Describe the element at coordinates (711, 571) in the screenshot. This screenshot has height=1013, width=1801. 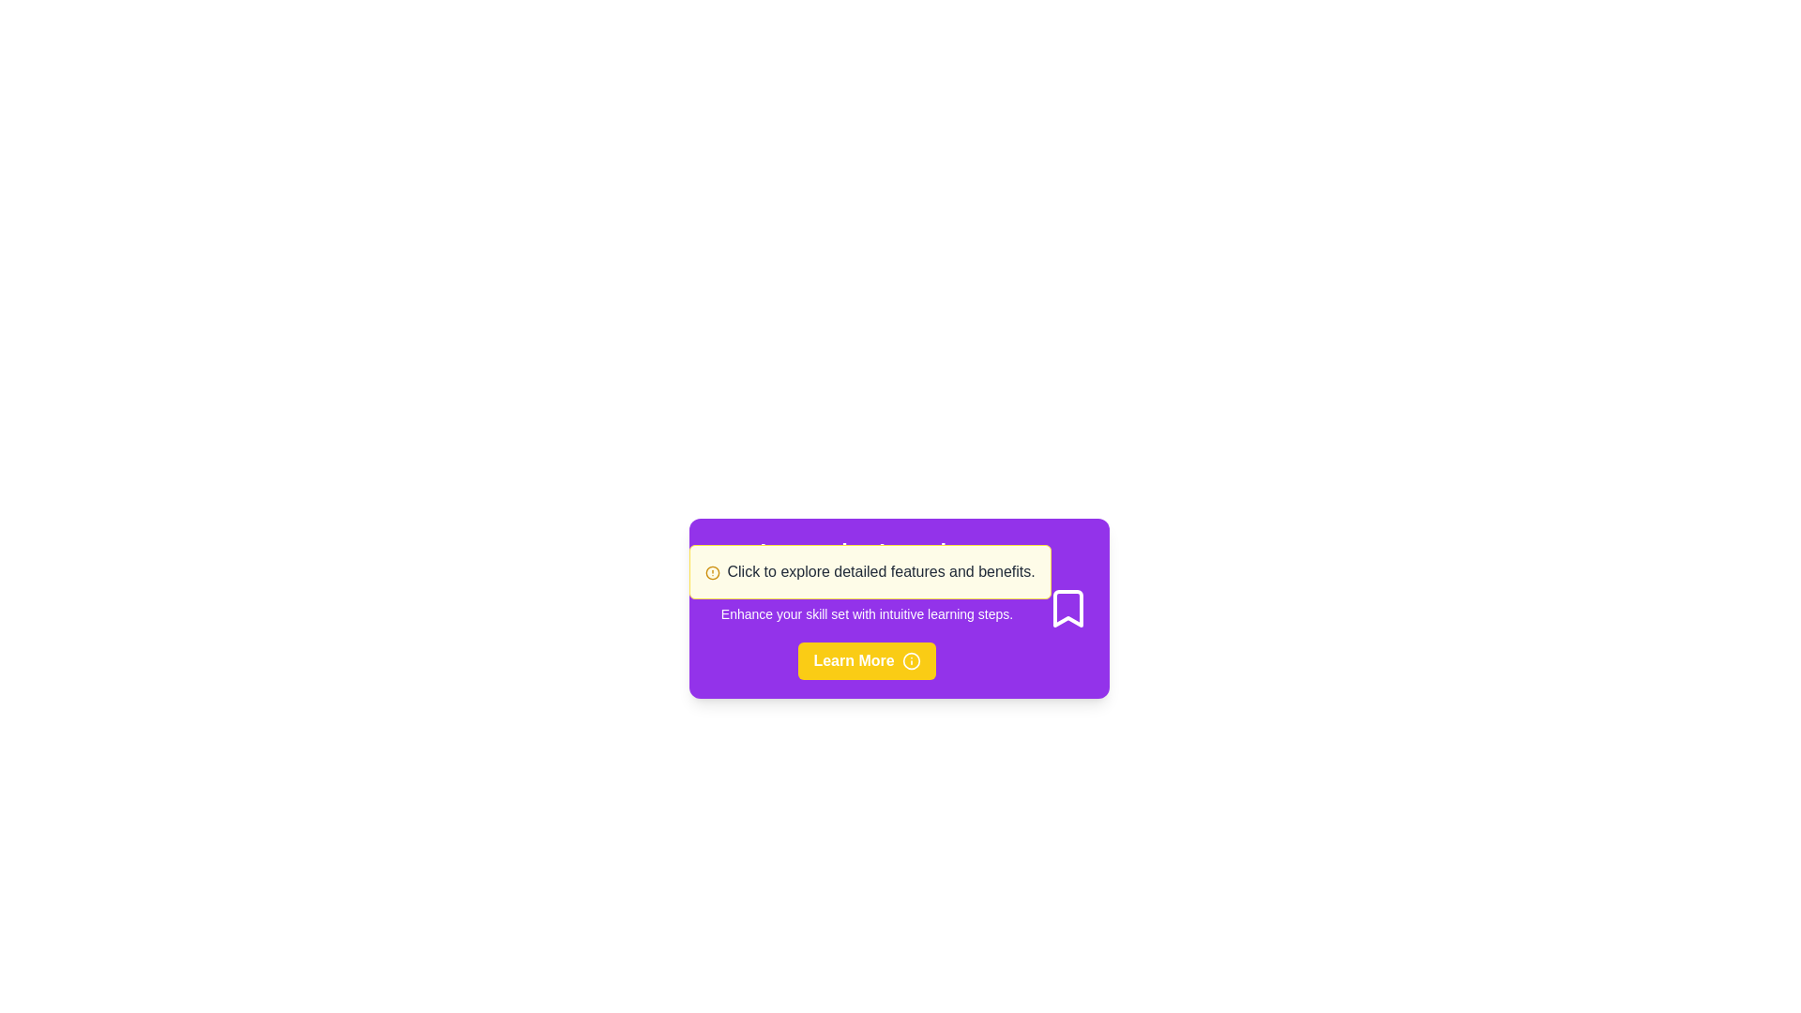
I see `the circular icon with a yellow outline and an exclamation mark in the center, located at the upper-left corner of the message box that contains the text 'Click to explore detailed features and benefits.'` at that location.